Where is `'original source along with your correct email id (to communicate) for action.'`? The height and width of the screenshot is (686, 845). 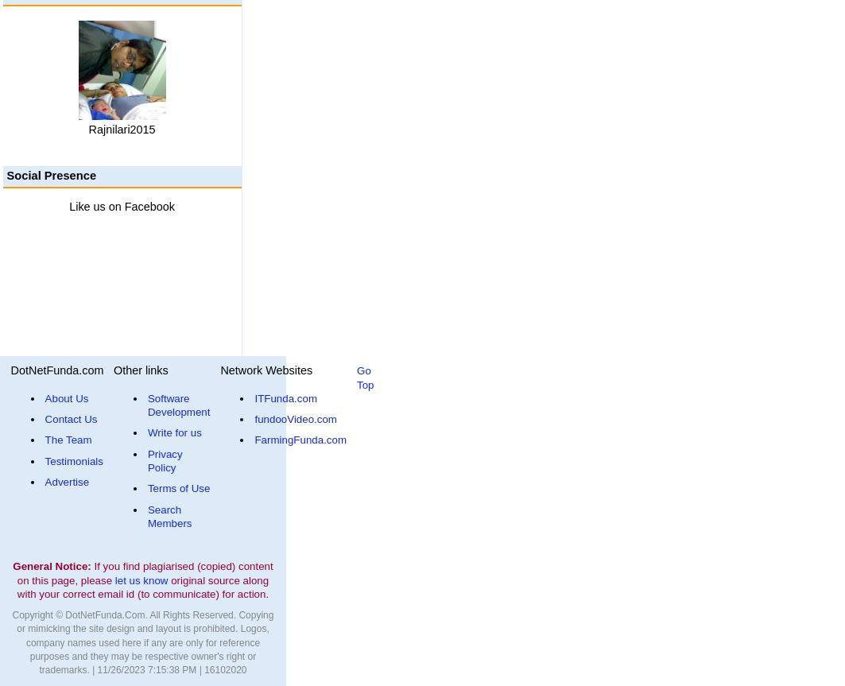 'original source along with your correct email id (to communicate) for action.' is located at coordinates (142, 587).